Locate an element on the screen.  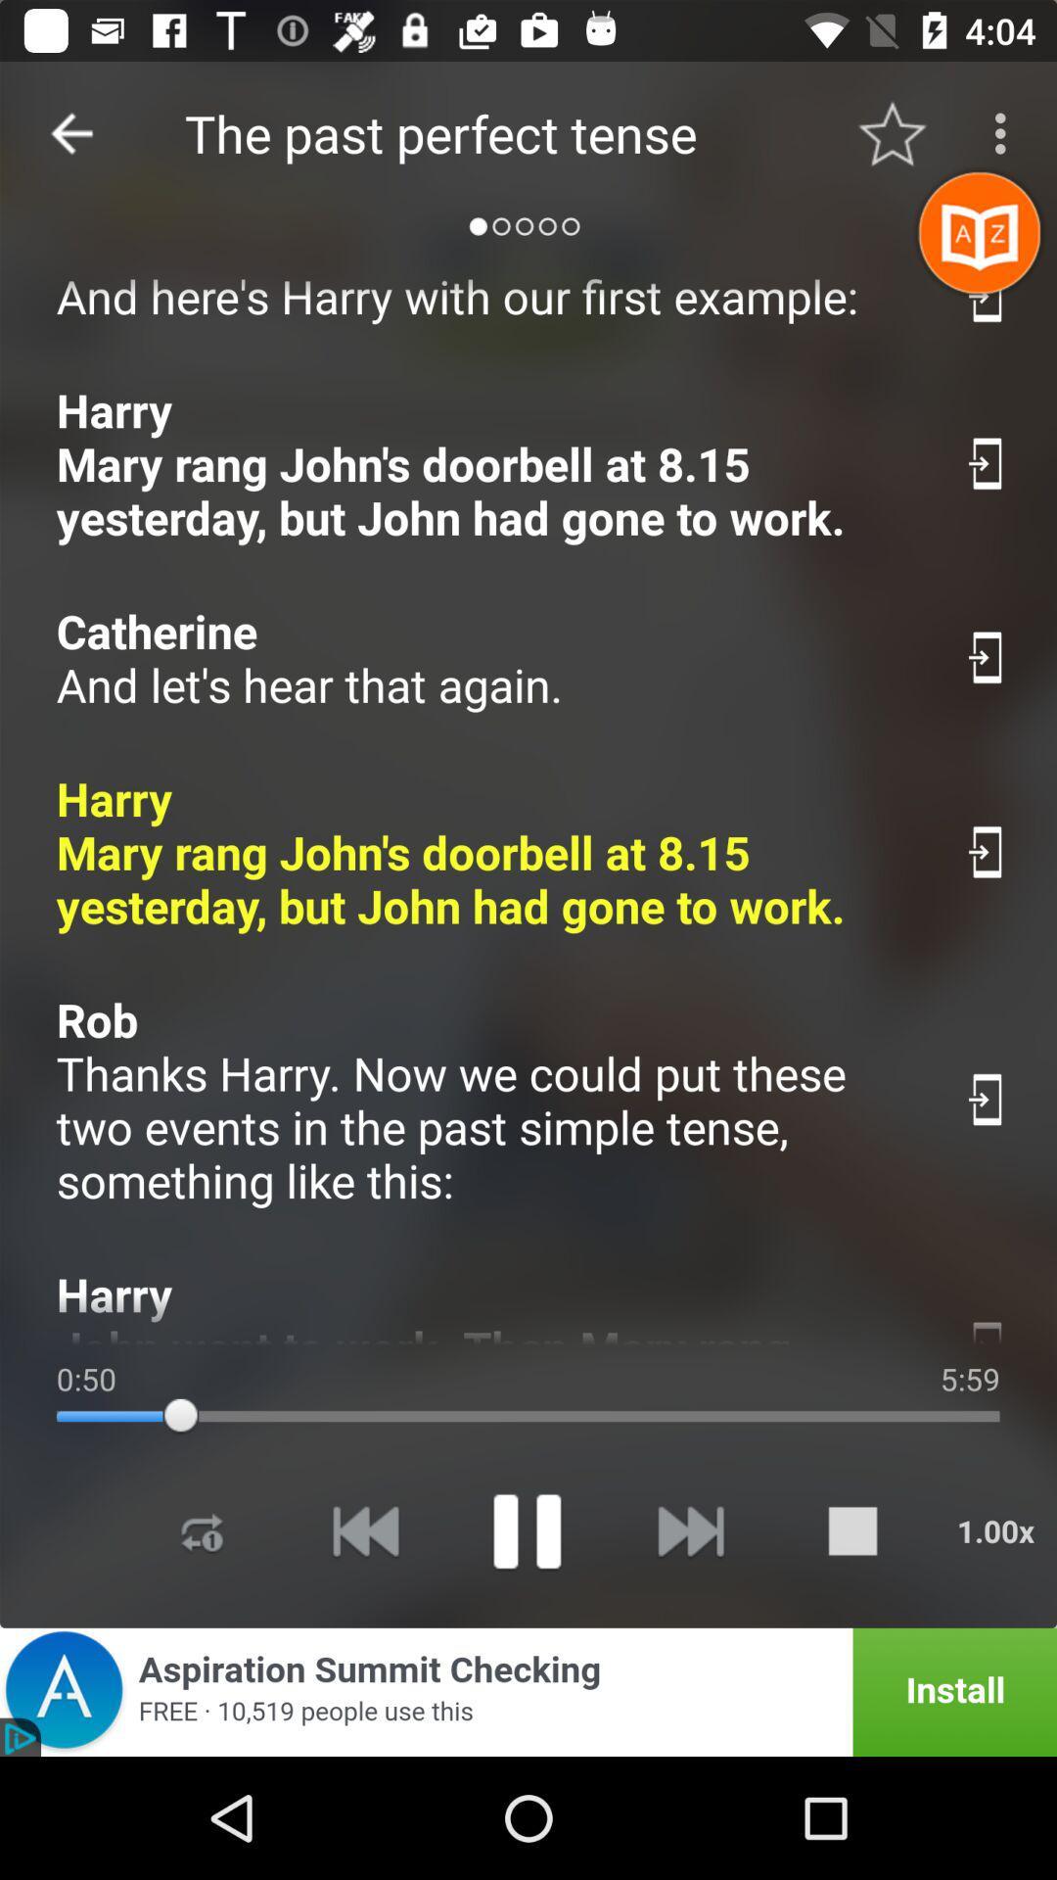
next option is located at coordinates (689, 1529).